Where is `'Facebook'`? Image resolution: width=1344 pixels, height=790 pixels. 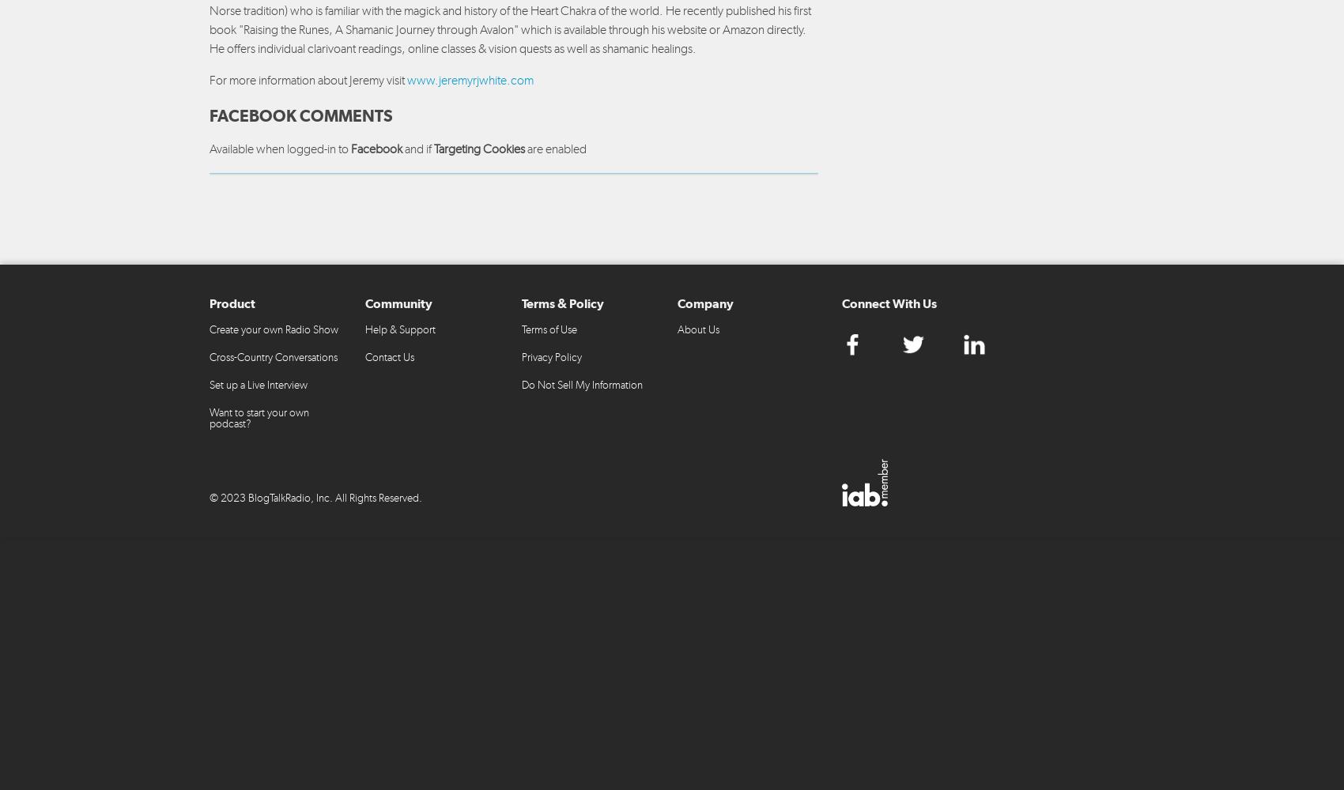 'Facebook' is located at coordinates (376, 148).